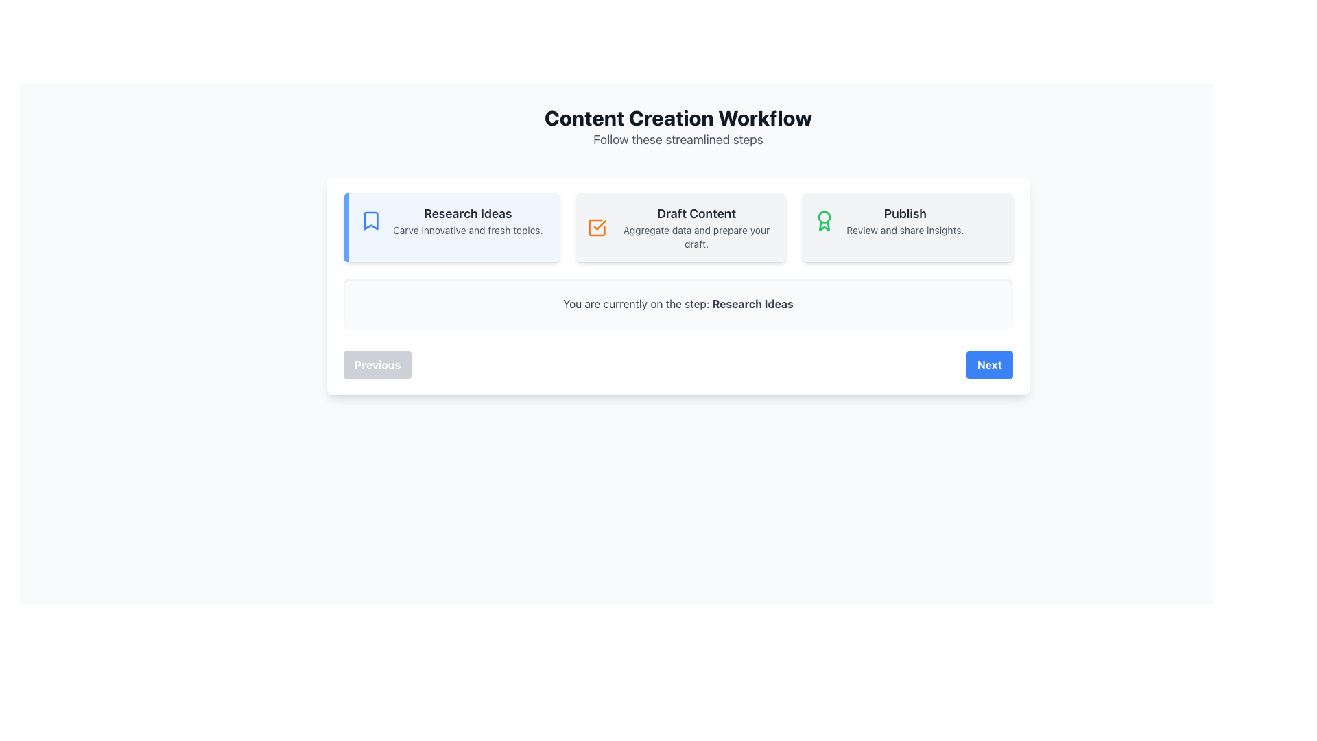 The width and height of the screenshot is (1317, 741). Describe the element at coordinates (824, 220) in the screenshot. I see `the 'Publish' Icon which visually represents the publishing action within the workflow, located in the rightmost section of the interface, adjacent to the 'Publish' title and 'Review and share insights.' subtitle` at that location.